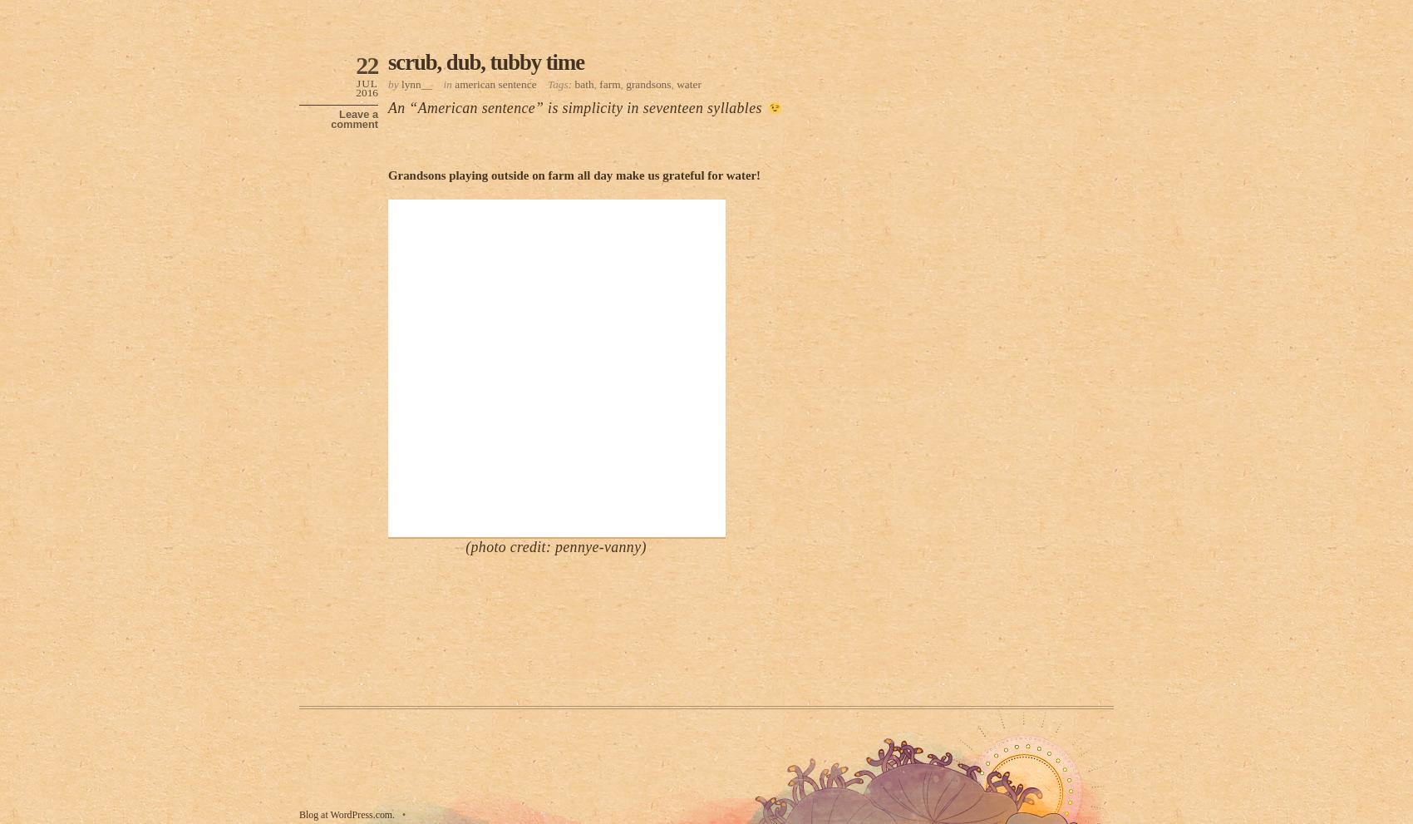  What do you see at coordinates (464, 546) in the screenshot?
I see `'(photo credit: pennye-vanny)'` at bounding box center [464, 546].